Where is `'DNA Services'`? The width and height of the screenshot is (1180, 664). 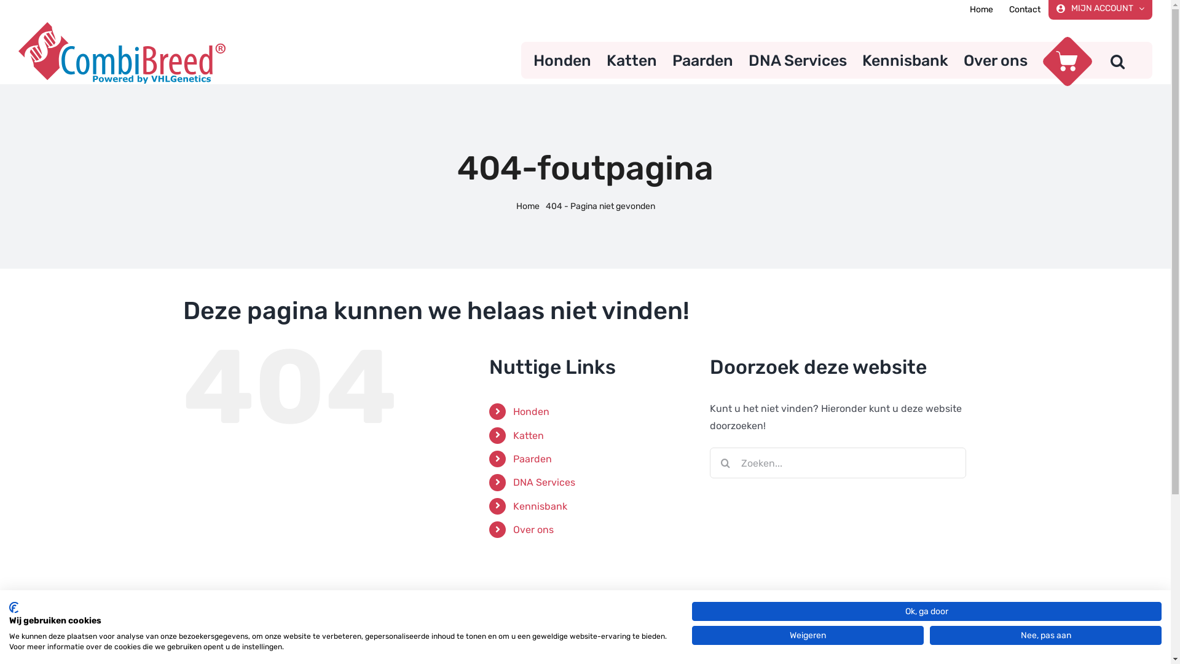 'DNA Services' is located at coordinates (543, 481).